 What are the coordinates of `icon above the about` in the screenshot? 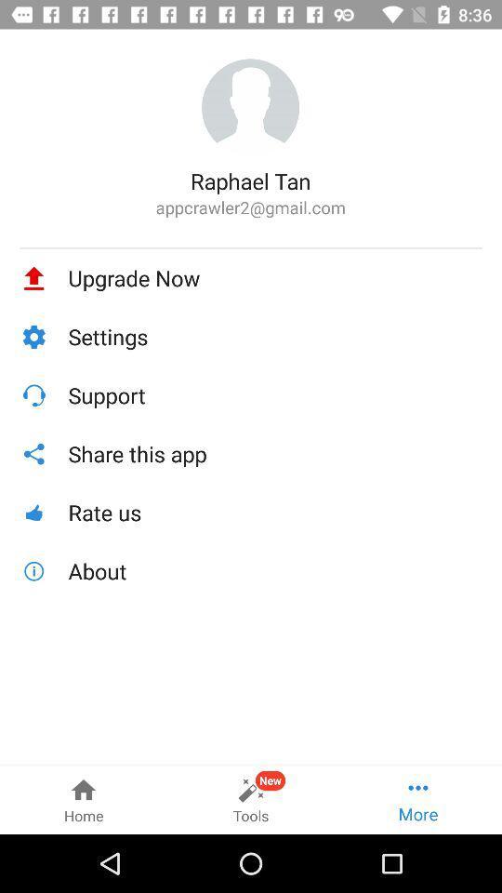 It's located at (274, 513).